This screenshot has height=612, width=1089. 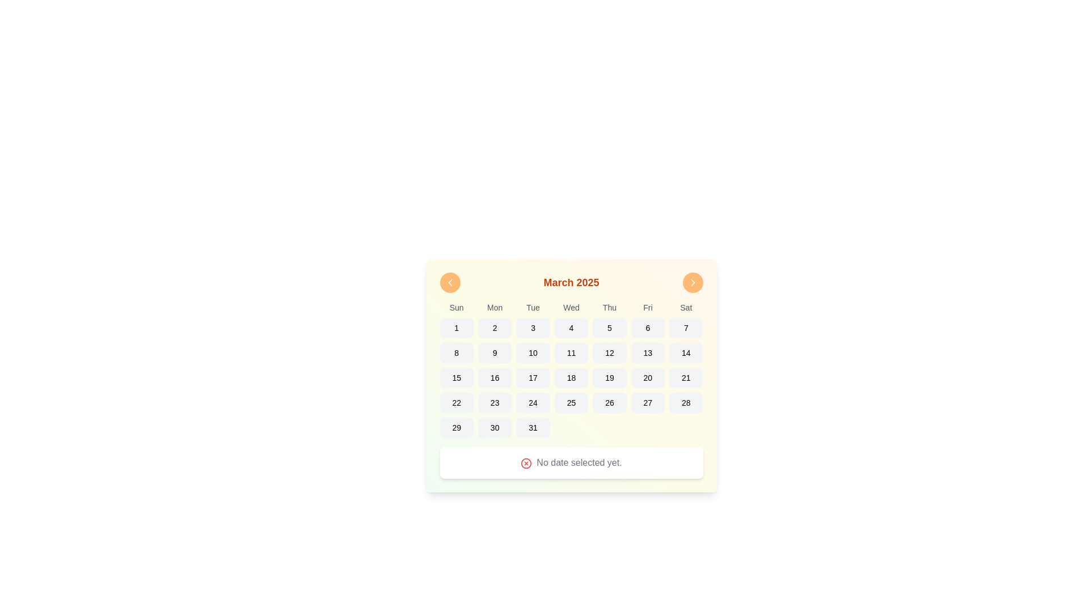 What do you see at coordinates (571, 463) in the screenshot?
I see `and interpret the text from the Text information box which states 'No date selected yet.'` at bounding box center [571, 463].